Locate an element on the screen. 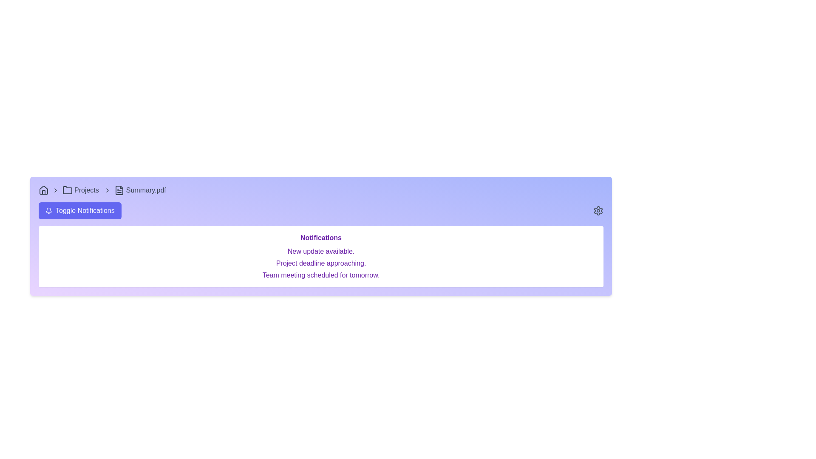 The width and height of the screenshot is (816, 459). the home icon located near the top-left section of the interface is located at coordinates (43, 190).